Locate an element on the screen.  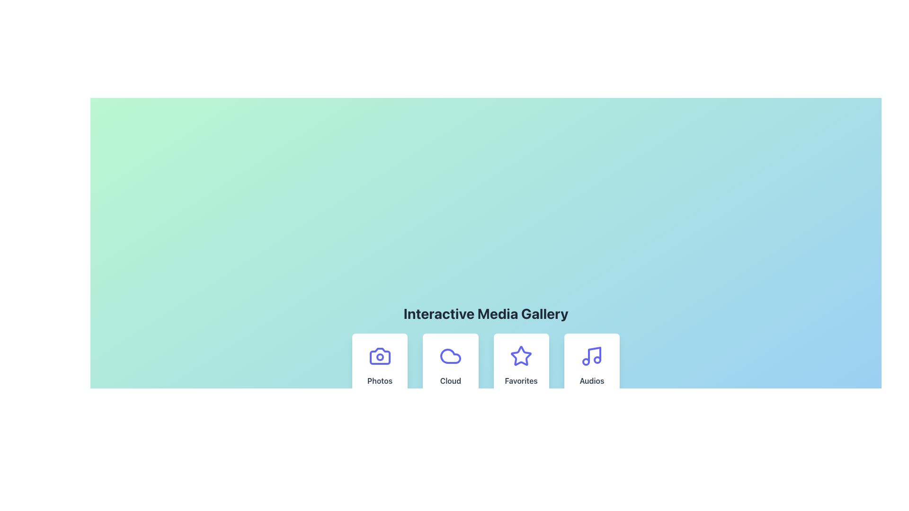
the 'Audios' card, which is the fourth item in the row of four cards in the 'Interactive Media Gallery' is located at coordinates (591, 367).